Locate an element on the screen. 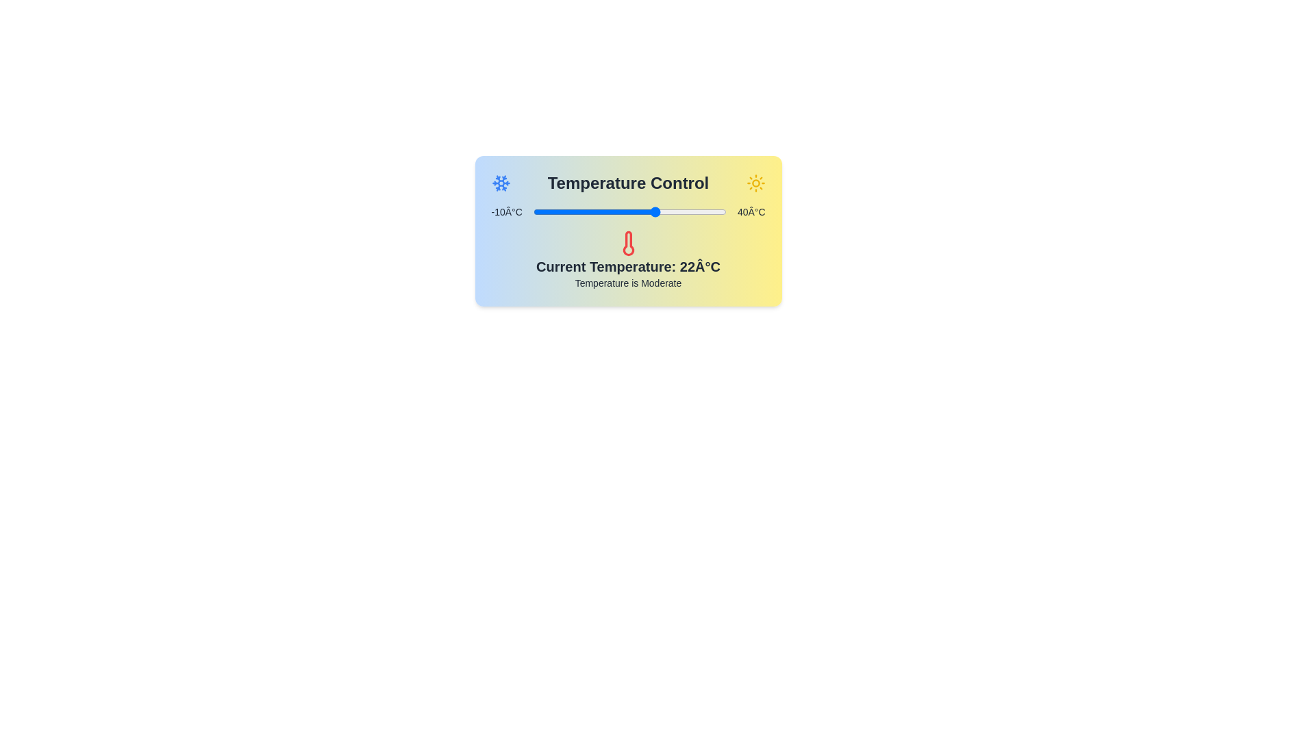 The width and height of the screenshot is (1315, 739). the temperature slider to set the temperature to 25°C is located at coordinates (668, 211).